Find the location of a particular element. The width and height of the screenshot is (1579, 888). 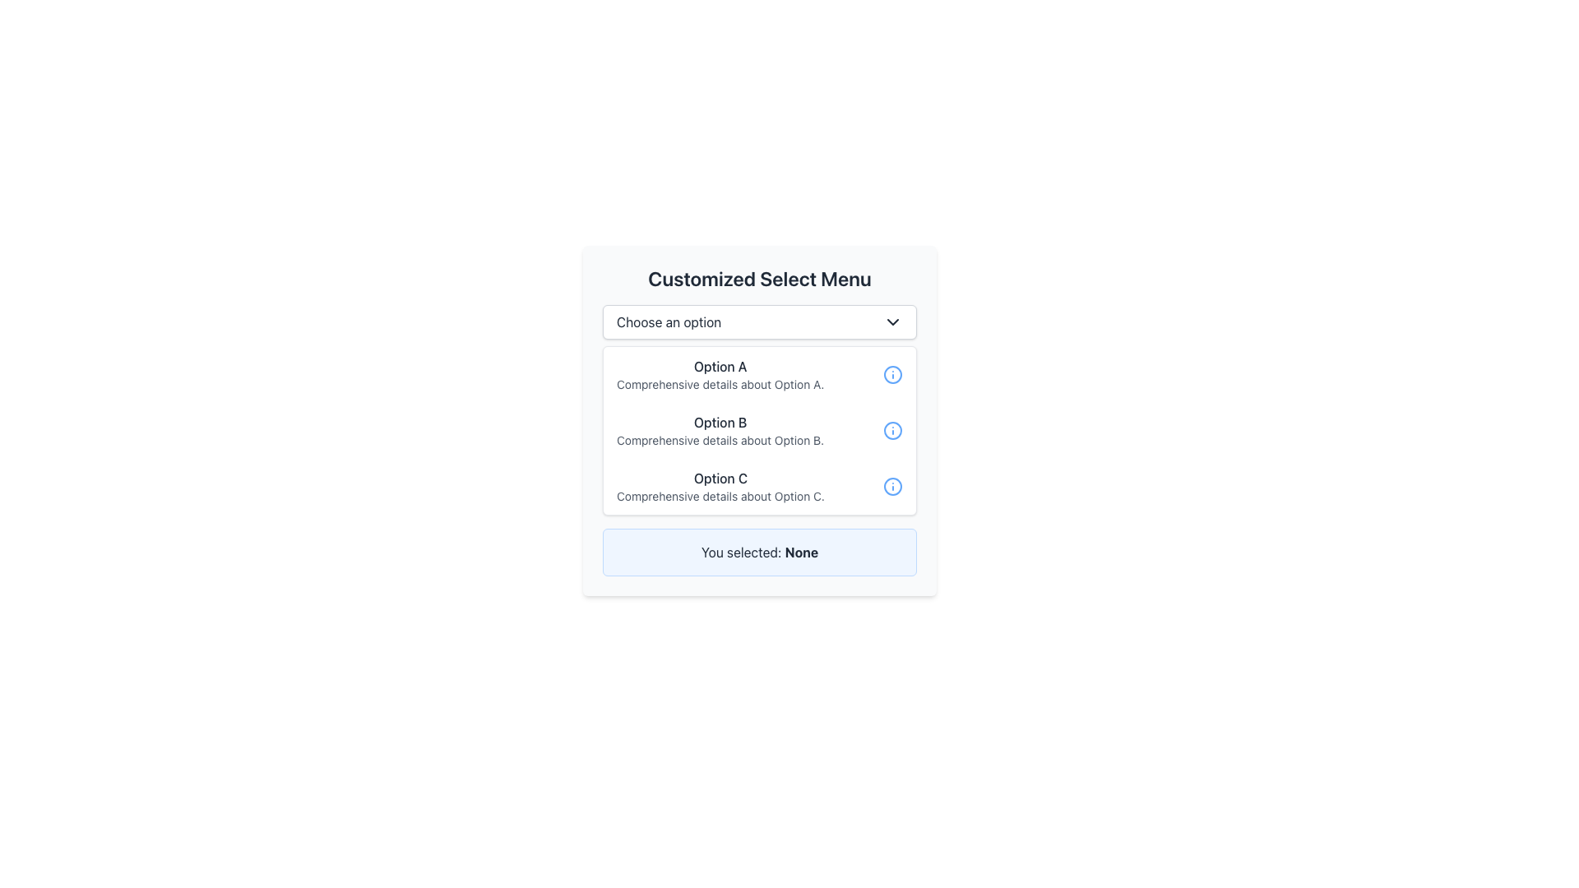

the first option in the dropdown list titled 'Choose an option' is located at coordinates (720, 374).